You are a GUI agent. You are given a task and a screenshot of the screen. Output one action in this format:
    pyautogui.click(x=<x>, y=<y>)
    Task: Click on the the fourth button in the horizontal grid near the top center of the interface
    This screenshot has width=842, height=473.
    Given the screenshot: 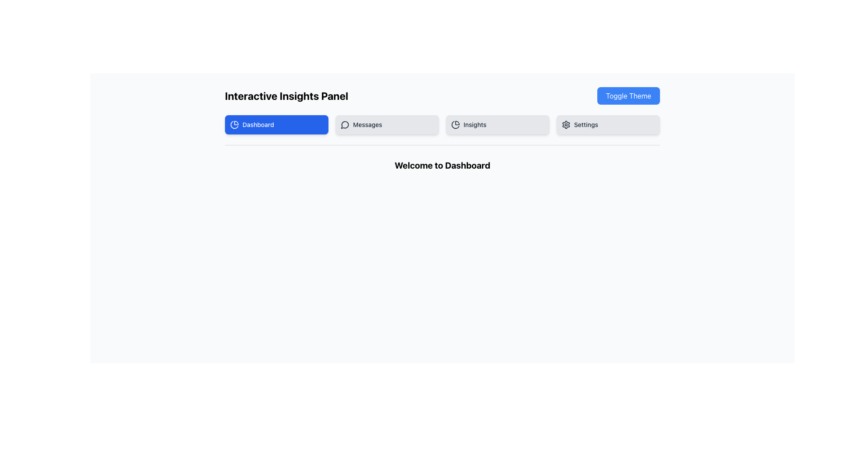 What is the action you would take?
    pyautogui.click(x=608, y=125)
    